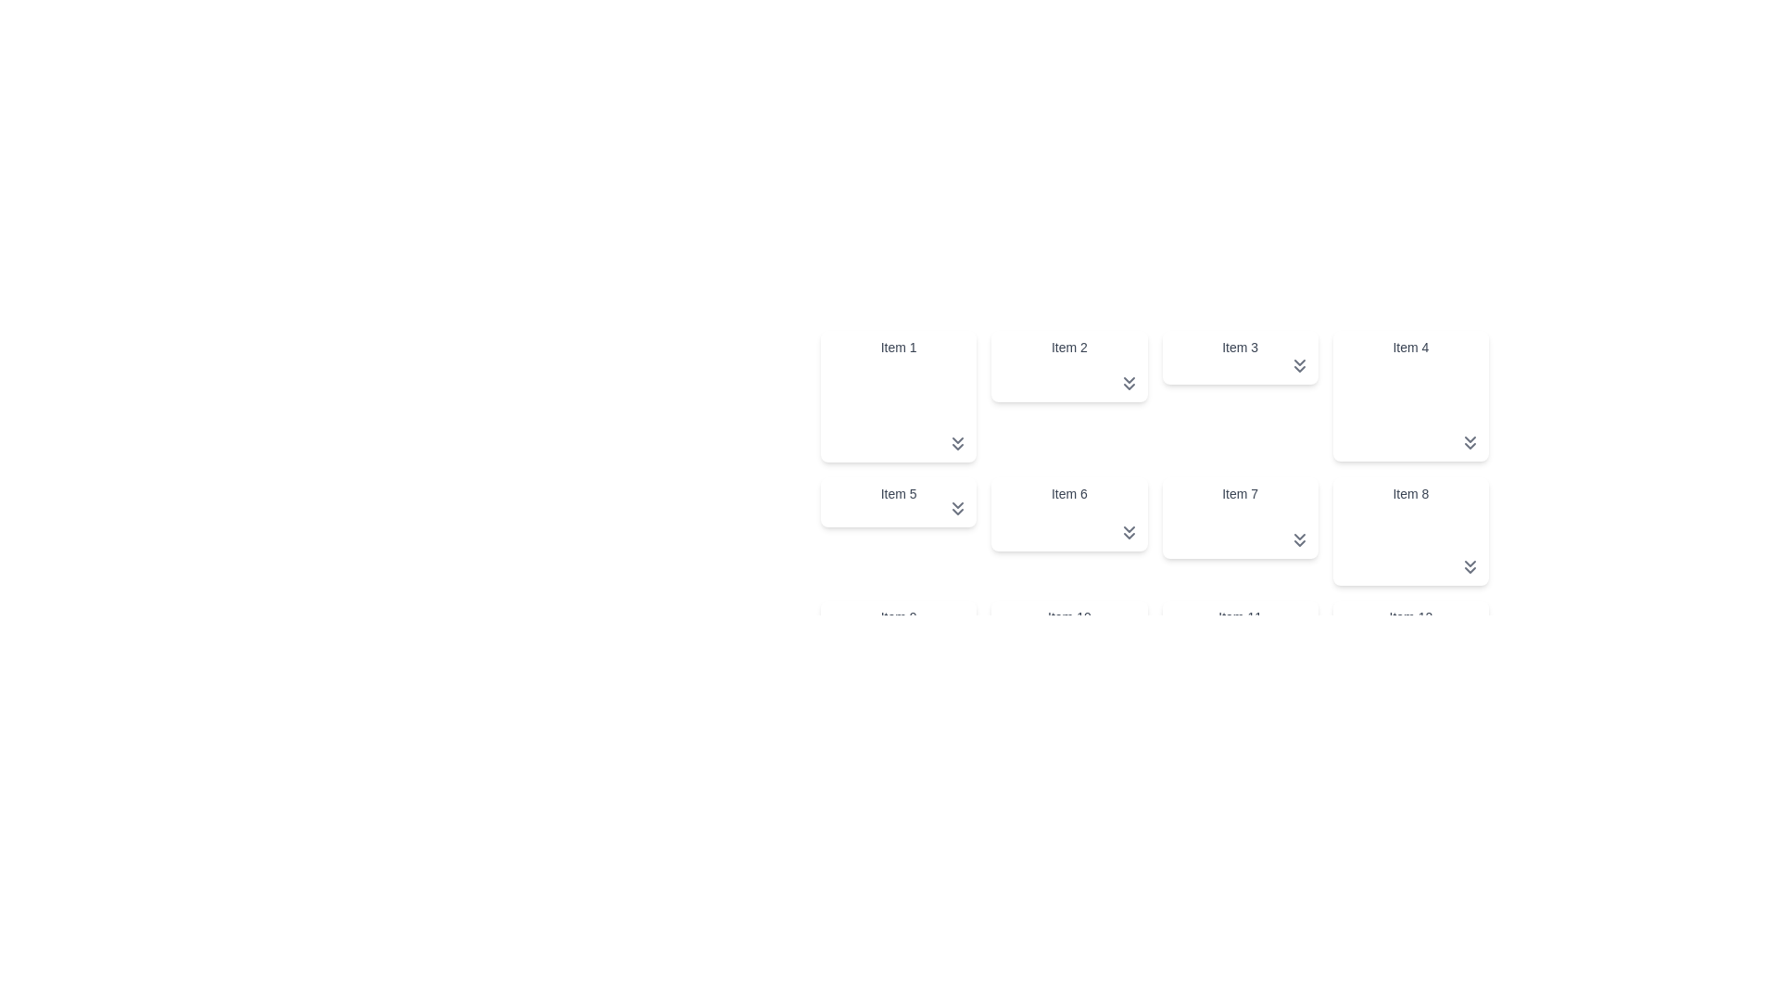 This screenshot has height=1001, width=1779. What do you see at coordinates (1298, 365) in the screenshot?
I see `the double-chevron-down icon located in the bottom-right corner of the card labeled 'Item 3' to trigger tooltips or highlighting effects` at bounding box center [1298, 365].